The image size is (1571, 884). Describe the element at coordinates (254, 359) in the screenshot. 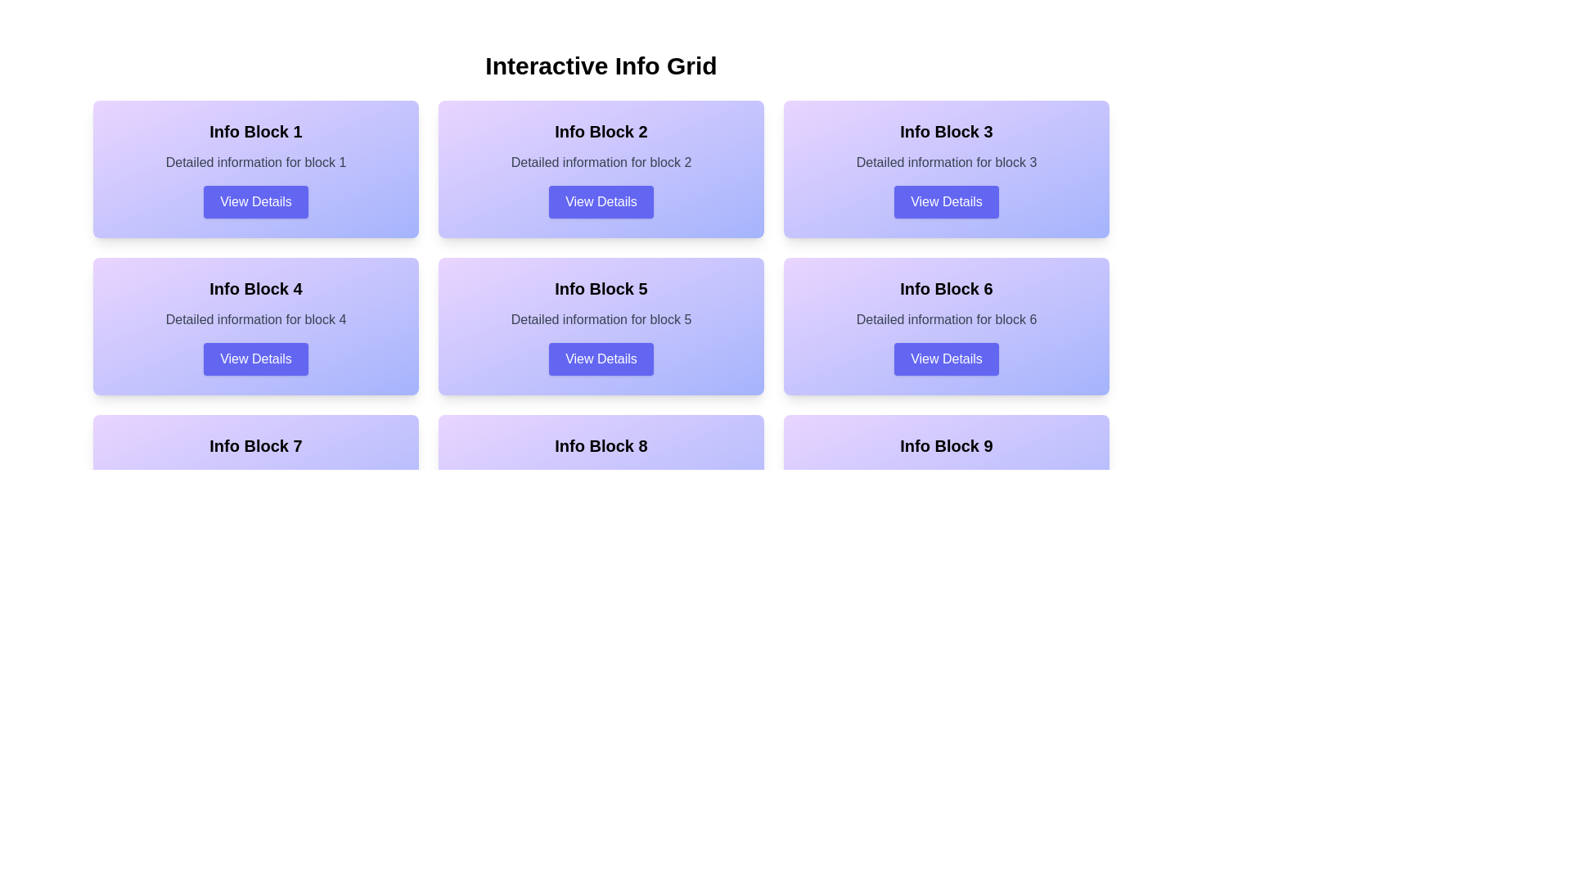

I see `the 'View Details' button with an indigo gradient background, located in 'Info Block 4'` at that location.